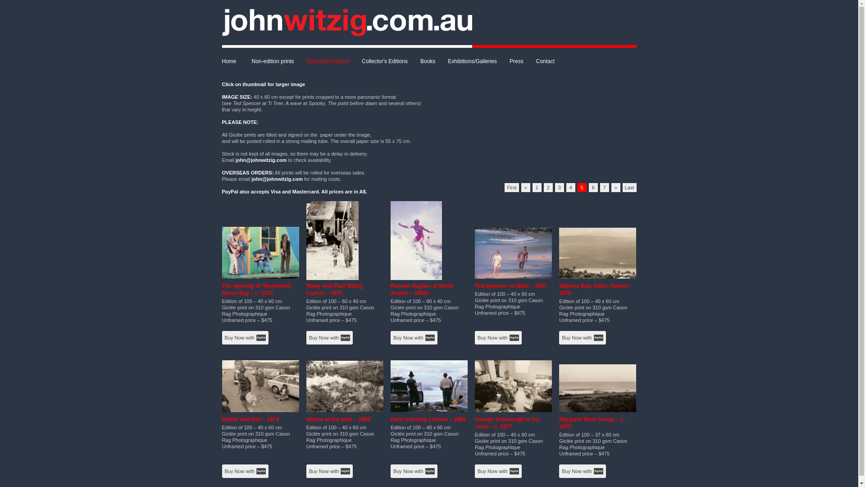  Describe the element at coordinates (221, 61) in the screenshot. I see `'Home'` at that location.